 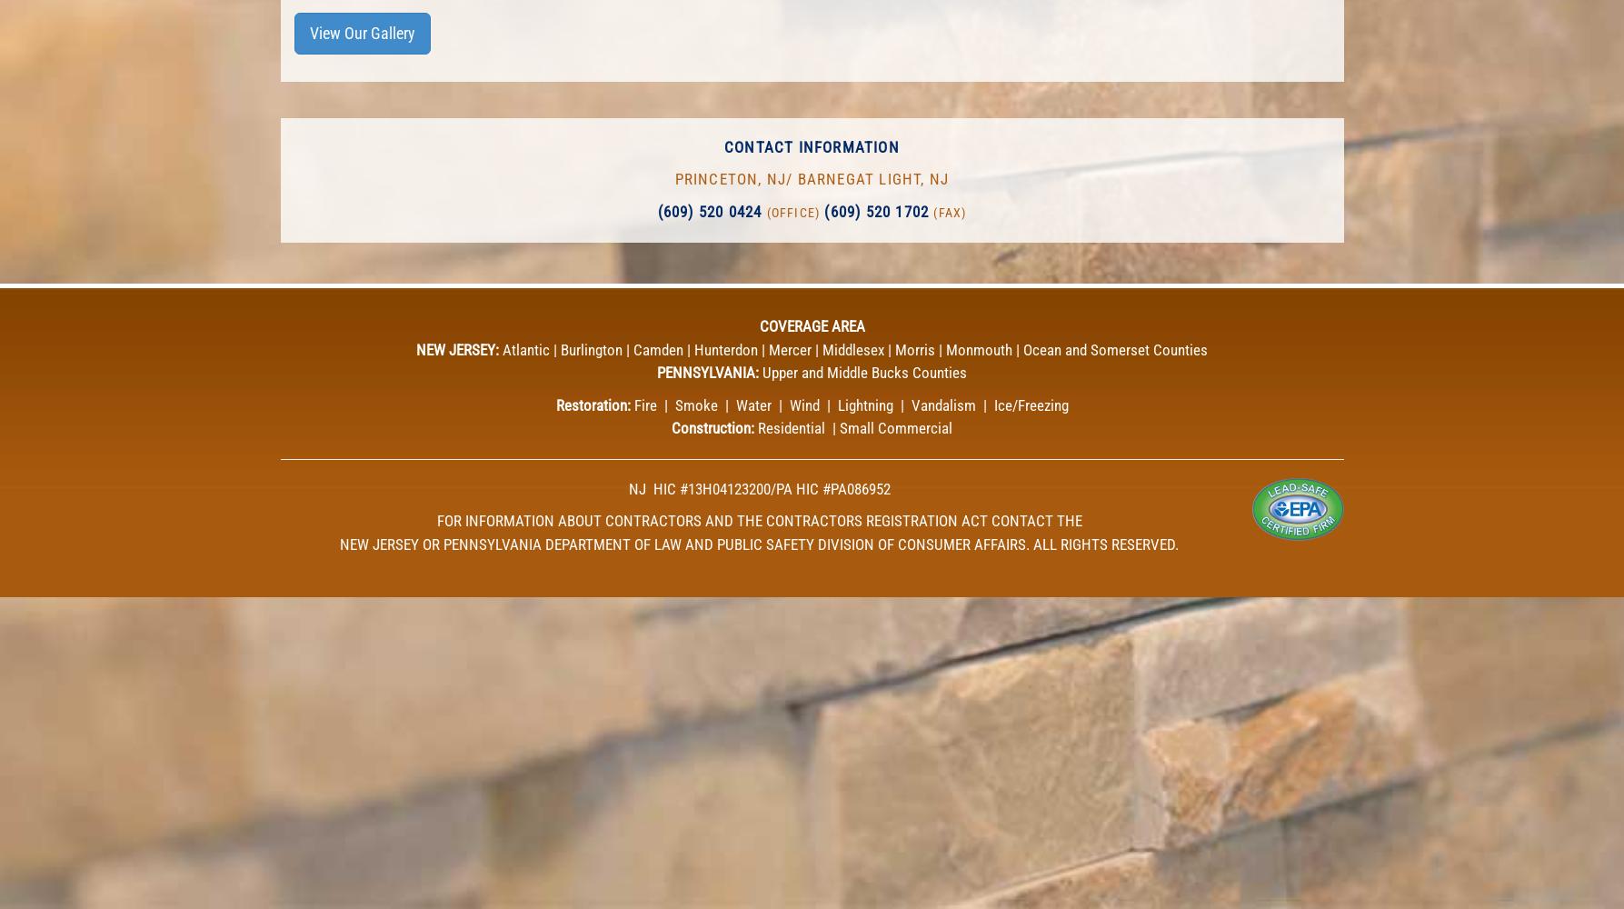 I want to click on 'Vandalism', so click(x=909, y=404).